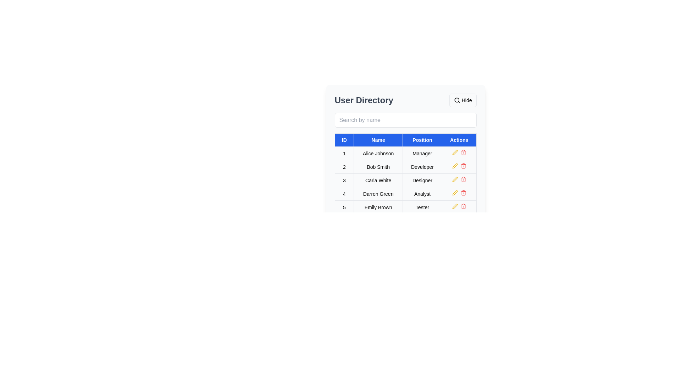  What do you see at coordinates (378, 167) in the screenshot?
I see `or highlight the text label displaying 'Bob Smith' located in the 'Name' column of the second row in the table` at bounding box center [378, 167].